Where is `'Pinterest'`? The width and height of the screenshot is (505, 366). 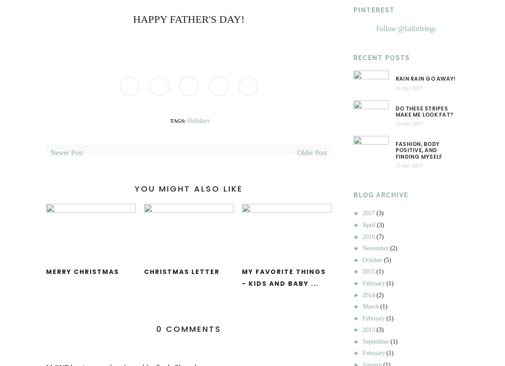
'Pinterest' is located at coordinates (374, 10).